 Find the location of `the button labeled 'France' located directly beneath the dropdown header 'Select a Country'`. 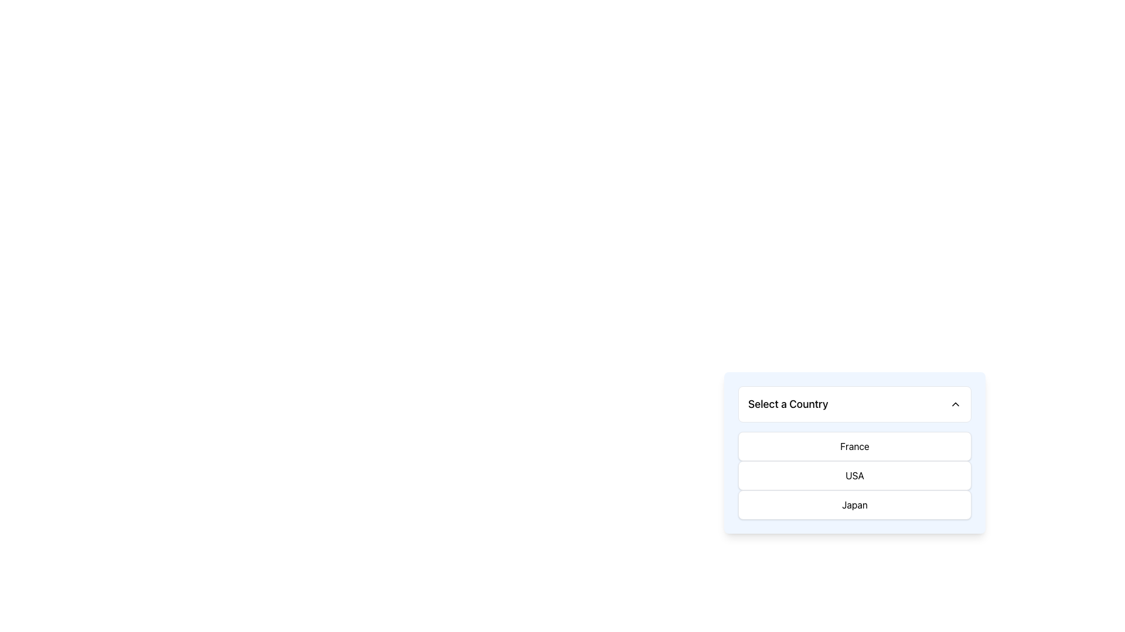

the button labeled 'France' located directly beneath the dropdown header 'Select a Country' is located at coordinates (855, 452).